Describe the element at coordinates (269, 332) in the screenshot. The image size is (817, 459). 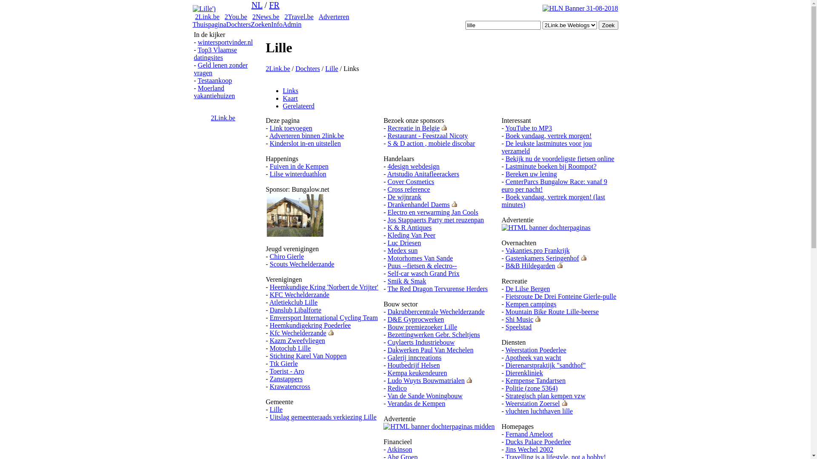
I see `'Kfc Wechelderzande'` at that location.